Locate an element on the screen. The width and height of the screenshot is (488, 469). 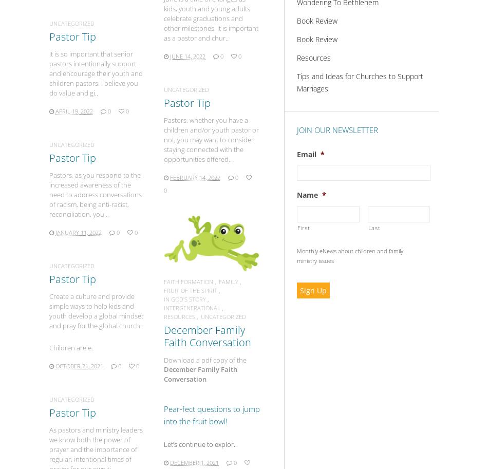
'June 14, 2022' is located at coordinates (187, 55).